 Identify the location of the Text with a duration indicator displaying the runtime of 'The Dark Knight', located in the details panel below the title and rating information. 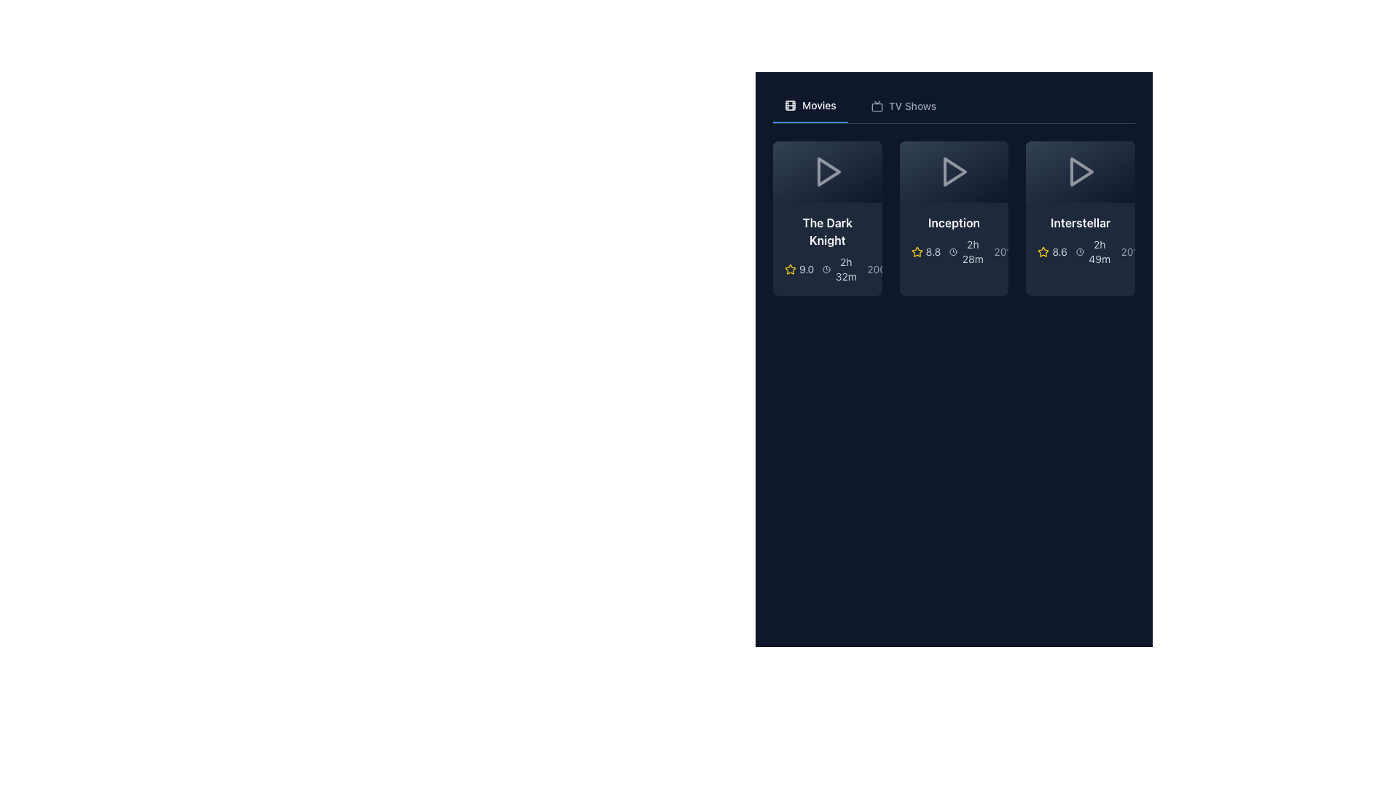
(840, 270).